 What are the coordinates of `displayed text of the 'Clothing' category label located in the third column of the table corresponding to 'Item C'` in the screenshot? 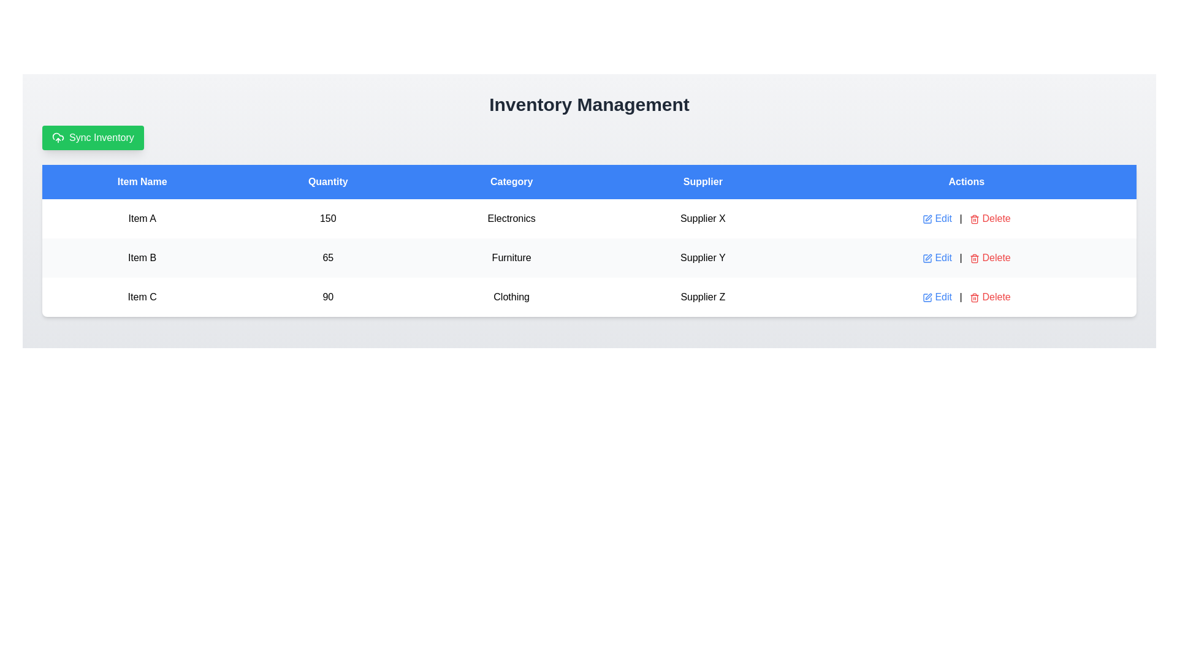 It's located at (511, 297).